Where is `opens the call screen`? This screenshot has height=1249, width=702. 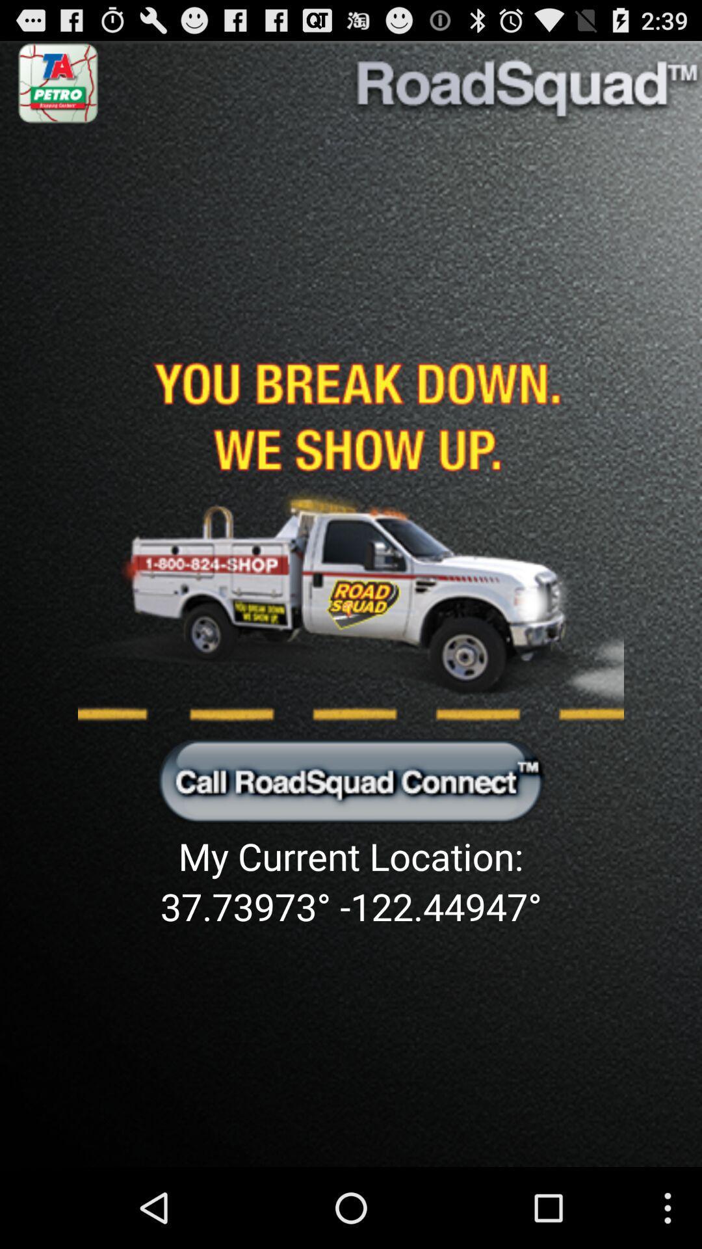
opens the call screen is located at coordinates (351, 780).